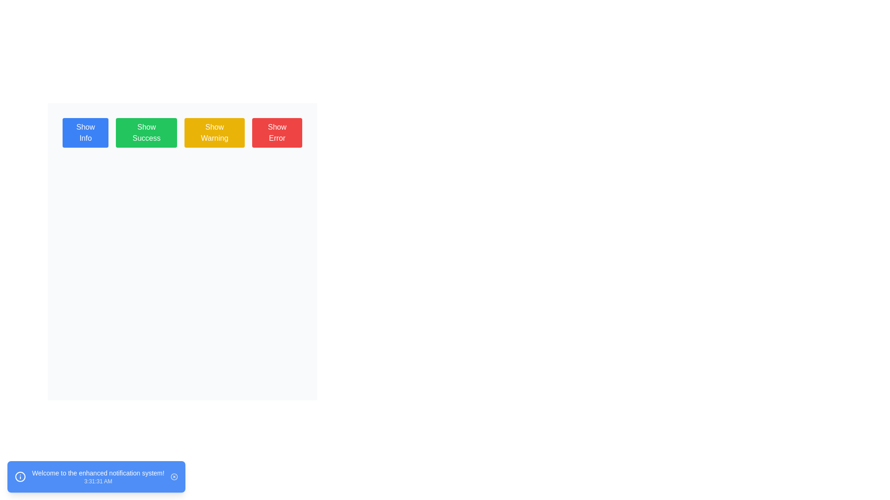 This screenshot has height=500, width=890. I want to click on the second button in a group of four buttons, located to the right of the 'Show Info' button and to the left of the 'Show Warning' button, so click(146, 132).